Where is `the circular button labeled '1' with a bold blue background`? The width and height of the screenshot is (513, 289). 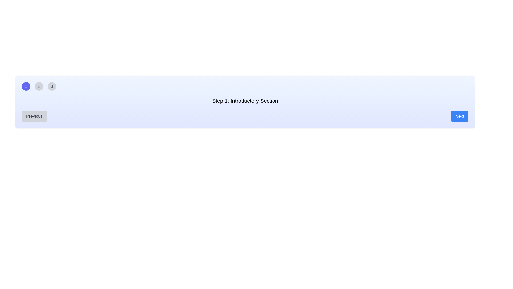 the circular button labeled '1' with a bold blue background is located at coordinates (26, 86).